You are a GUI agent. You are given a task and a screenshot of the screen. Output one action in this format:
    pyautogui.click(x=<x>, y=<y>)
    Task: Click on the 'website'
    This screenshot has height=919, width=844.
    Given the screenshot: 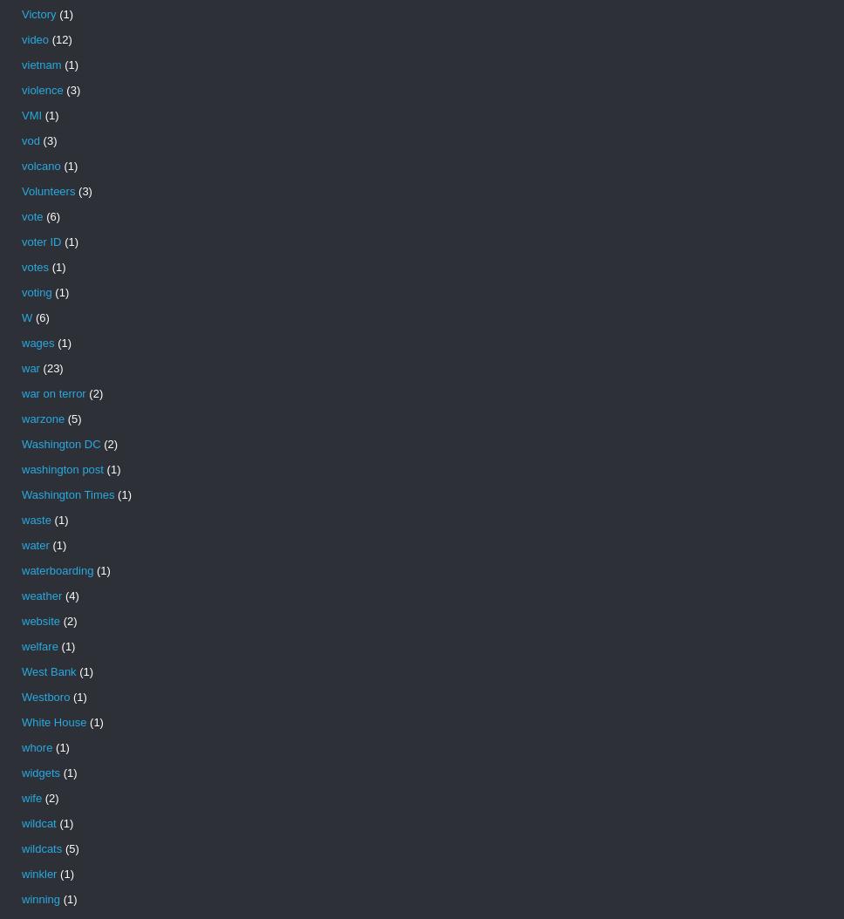 What is the action you would take?
    pyautogui.click(x=40, y=620)
    